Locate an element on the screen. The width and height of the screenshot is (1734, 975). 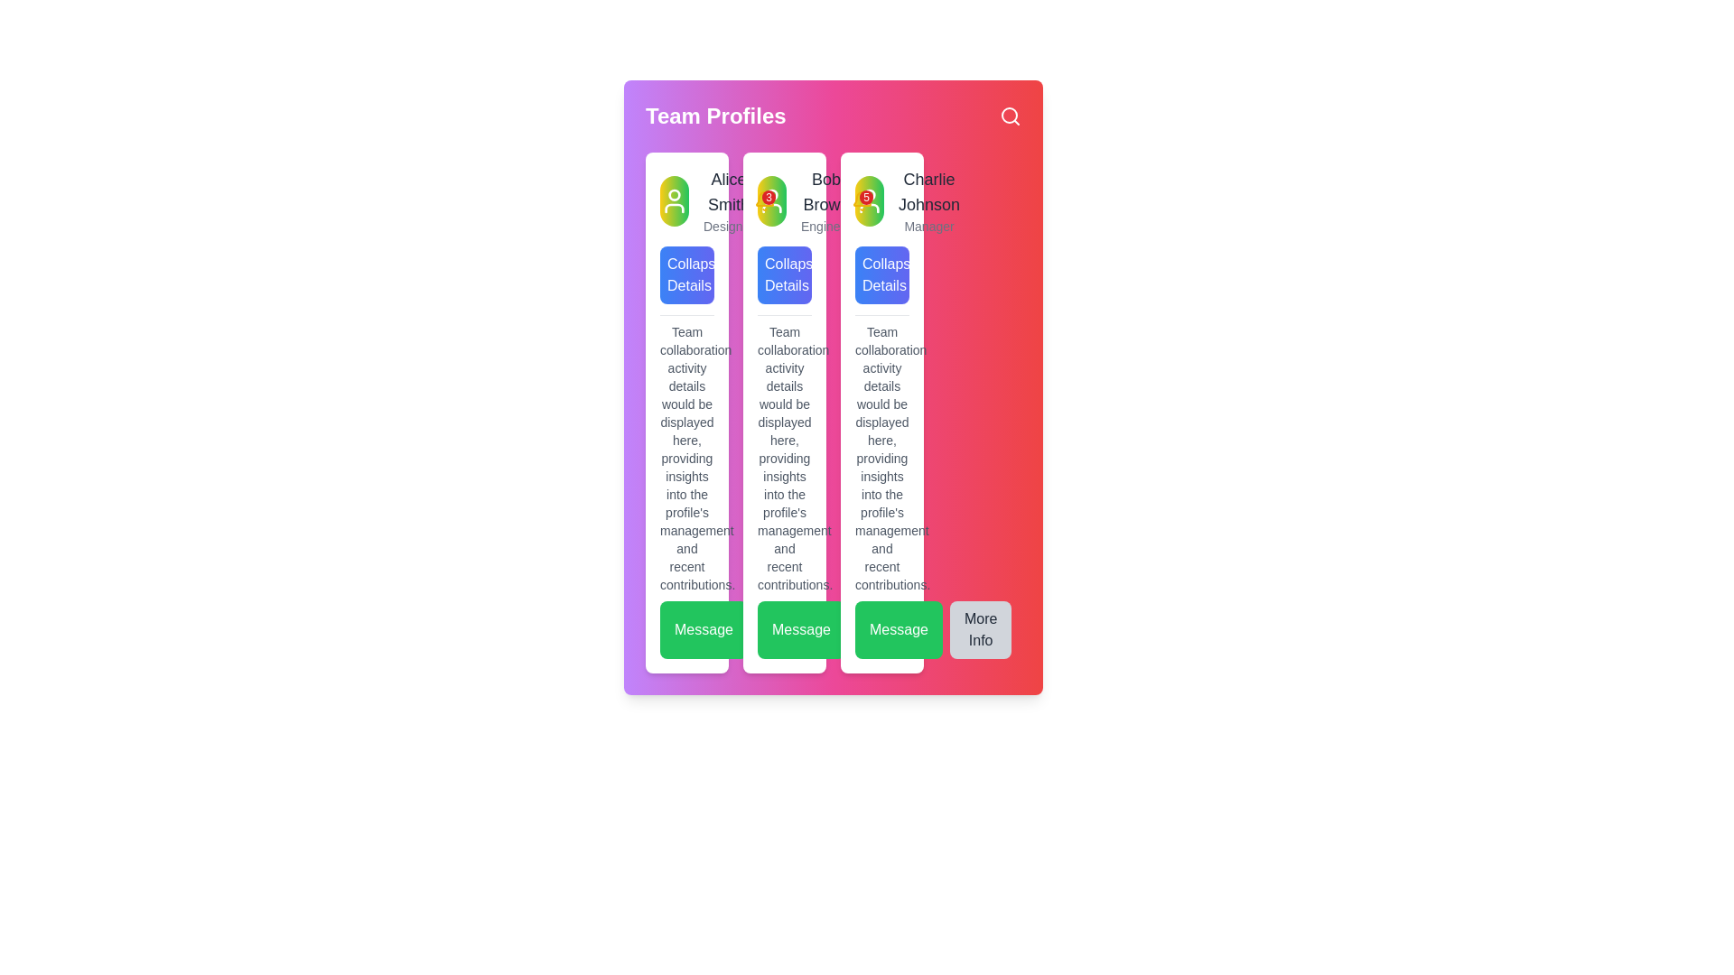
the Text content block that provides detailed information about team collaboration and activities related to Charlie Johnson's profile is located at coordinates (882, 486).